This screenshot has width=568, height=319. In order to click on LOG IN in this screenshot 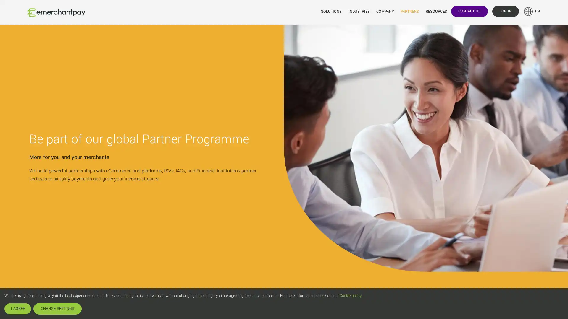, I will do `click(505, 11)`.